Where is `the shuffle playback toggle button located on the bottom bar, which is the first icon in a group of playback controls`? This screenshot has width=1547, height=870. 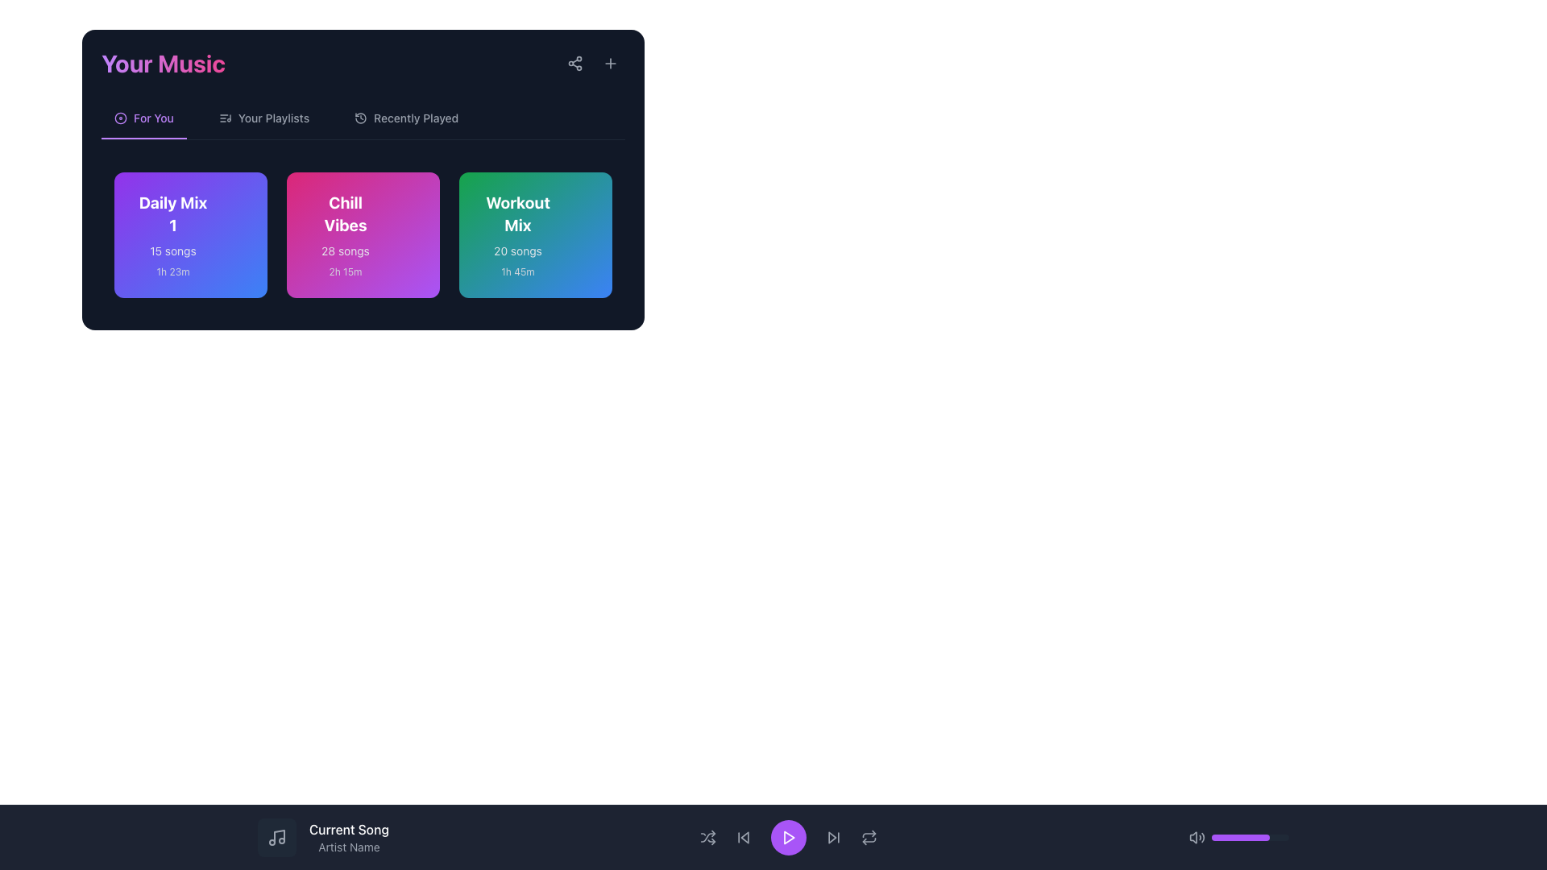 the shuffle playback toggle button located on the bottom bar, which is the first icon in a group of playback controls is located at coordinates (708, 837).